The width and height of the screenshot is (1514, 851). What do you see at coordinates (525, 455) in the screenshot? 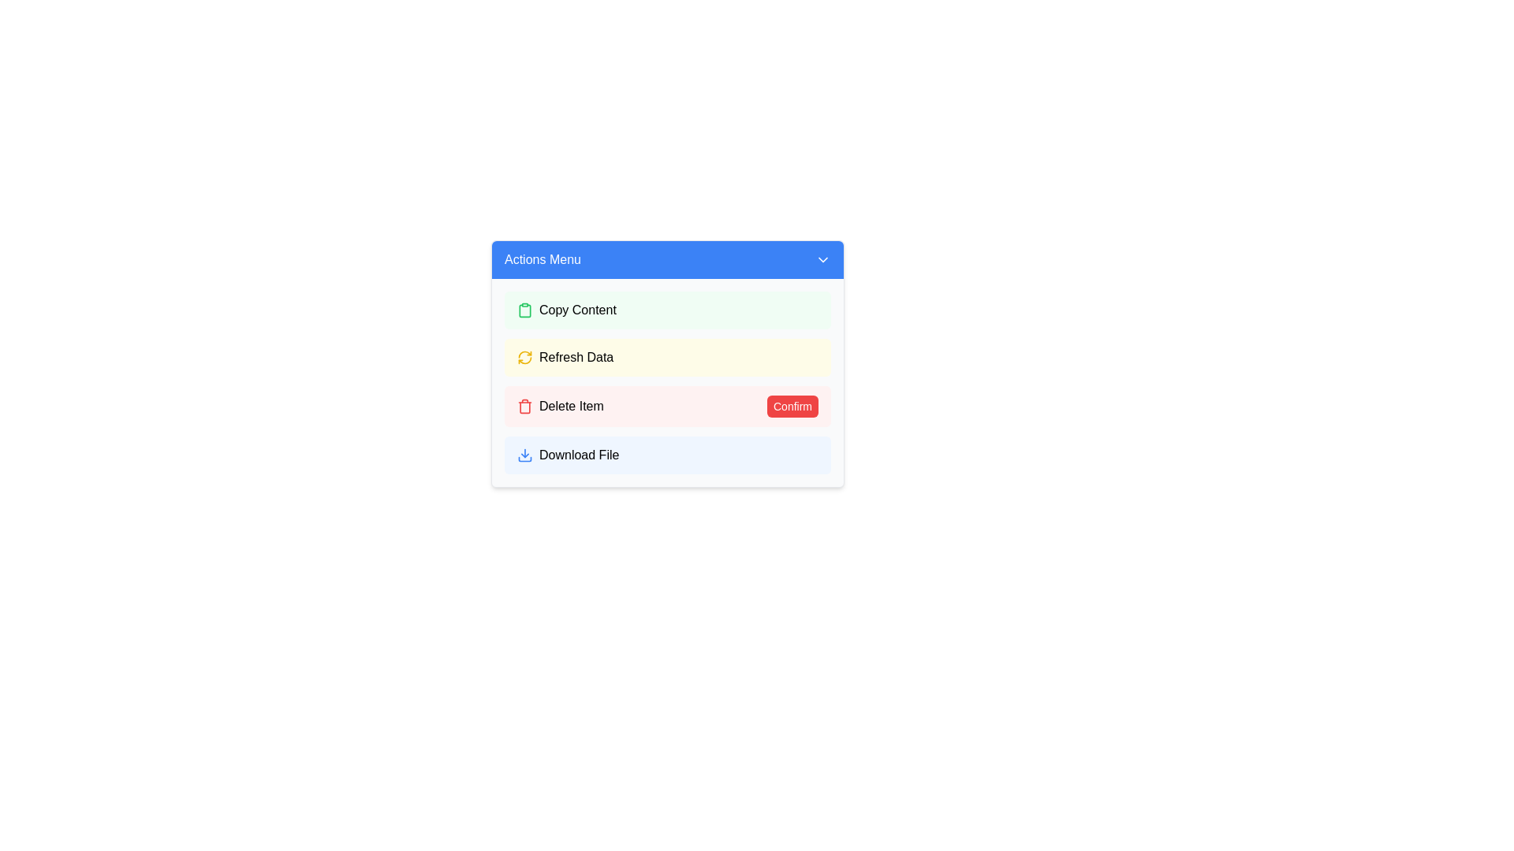
I see `the downward-facing blue arrow icon located at the far left side of the 'Download File' option in the action menu` at bounding box center [525, 455].